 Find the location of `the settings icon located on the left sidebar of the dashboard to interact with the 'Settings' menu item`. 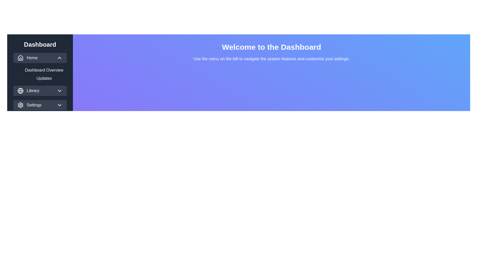

the settings icon located on the left sidebar of the dashboard to interact with the 'Settings' menu item is located at coordinates (21, 105).